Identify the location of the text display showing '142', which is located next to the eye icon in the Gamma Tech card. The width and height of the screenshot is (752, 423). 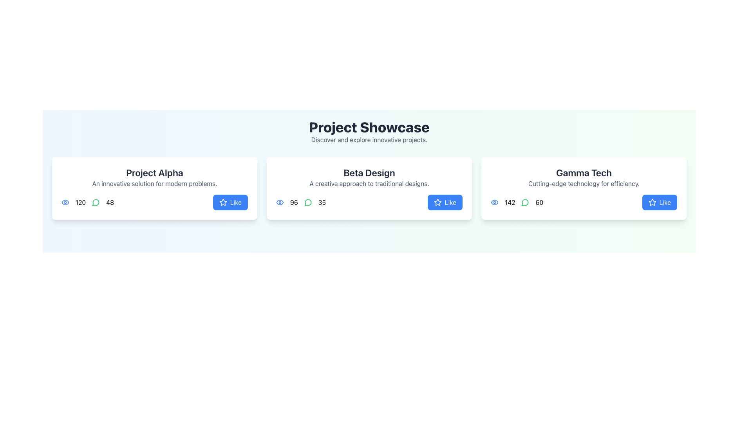
(510, 202).